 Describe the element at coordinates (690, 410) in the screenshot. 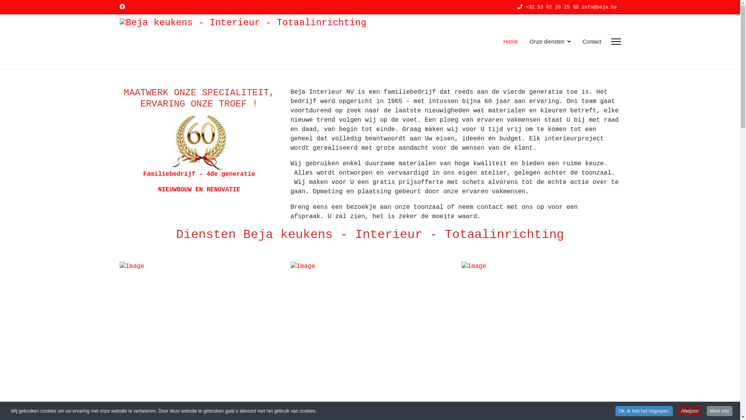

I see `'Afwijzen'` at that location.